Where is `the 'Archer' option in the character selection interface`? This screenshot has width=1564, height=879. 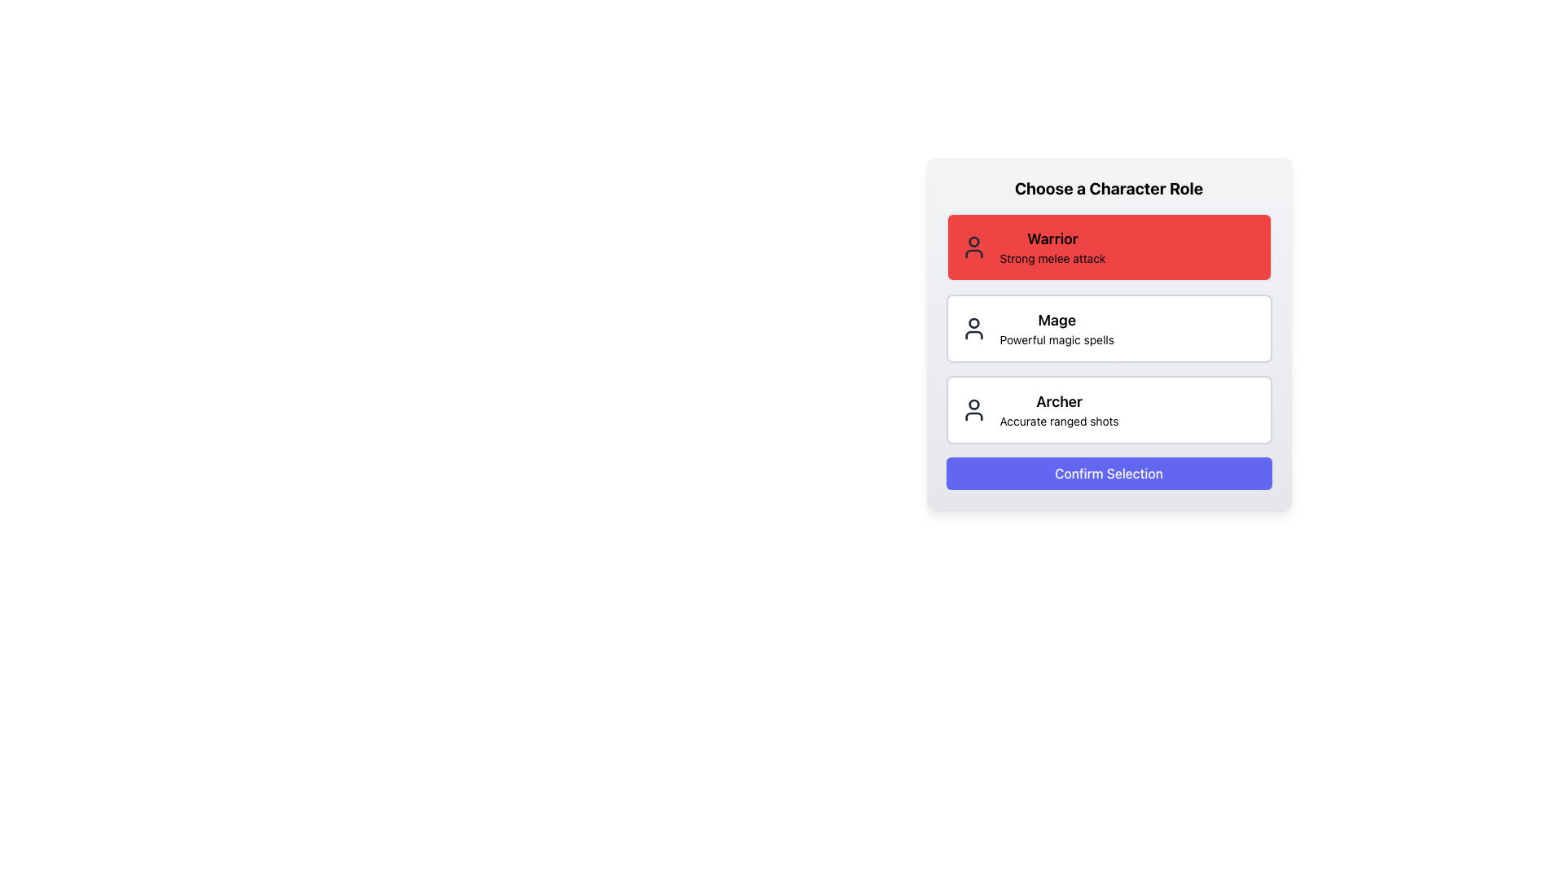 the 'Archer' option in the character selection interface is located at coordinates (1059, 409).